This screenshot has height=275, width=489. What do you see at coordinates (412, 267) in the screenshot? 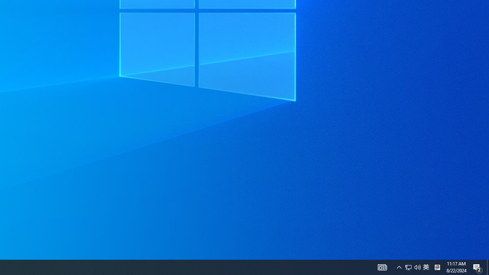
I see `'Tray Input Indicator - Chinese (Simplified, China)'` at bounding box center [412, 267].